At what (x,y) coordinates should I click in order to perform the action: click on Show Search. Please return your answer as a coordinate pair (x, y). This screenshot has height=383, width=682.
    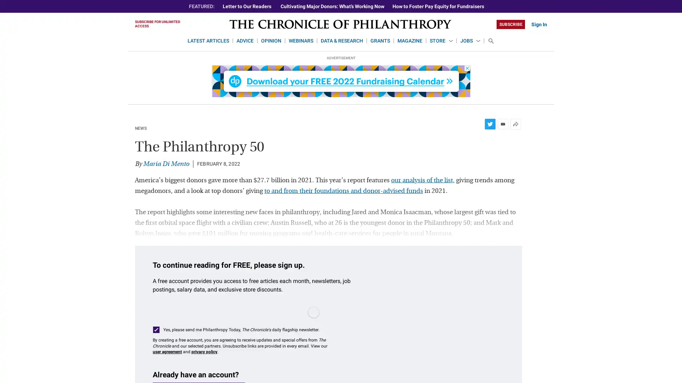
    Looking at the image, I should click on (491, 41).